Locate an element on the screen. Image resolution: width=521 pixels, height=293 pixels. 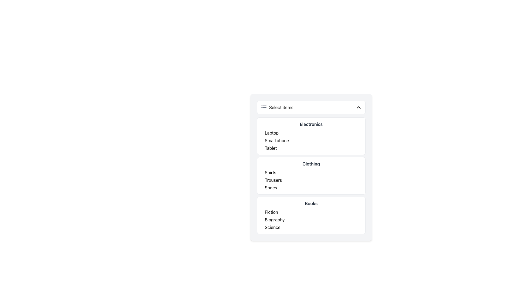
the 'Science' item in the selectable list under the 'Books' category is located at coordinates (313, 227).